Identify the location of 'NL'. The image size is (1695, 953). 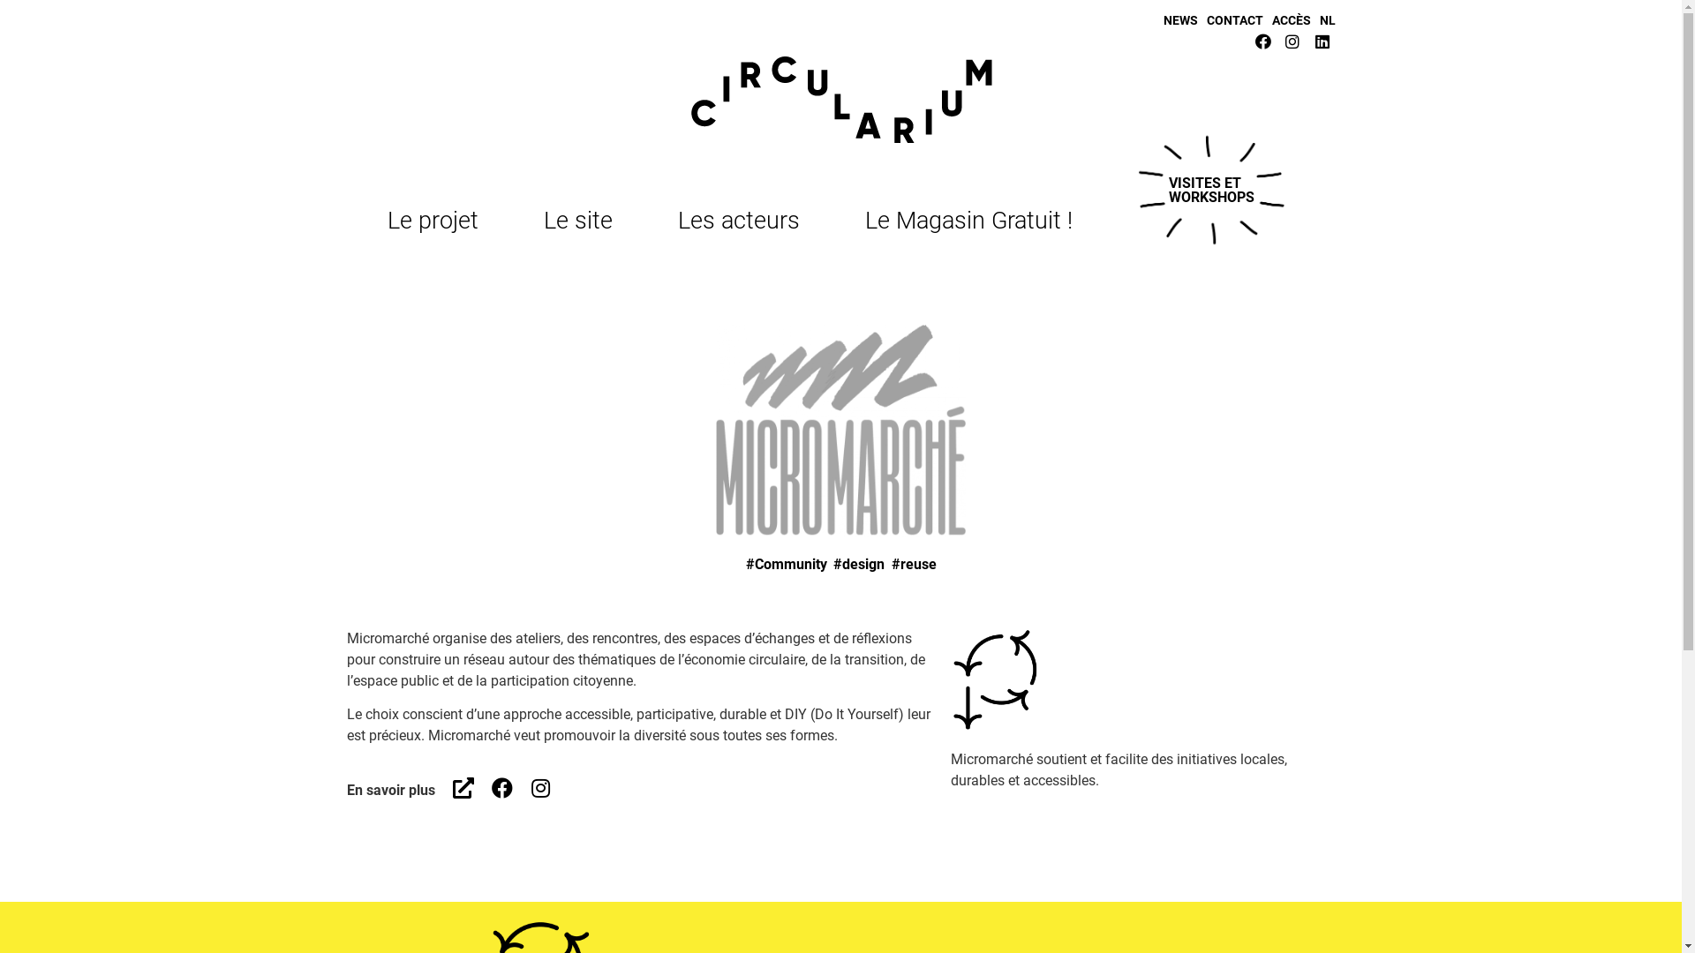
(1326, 20).